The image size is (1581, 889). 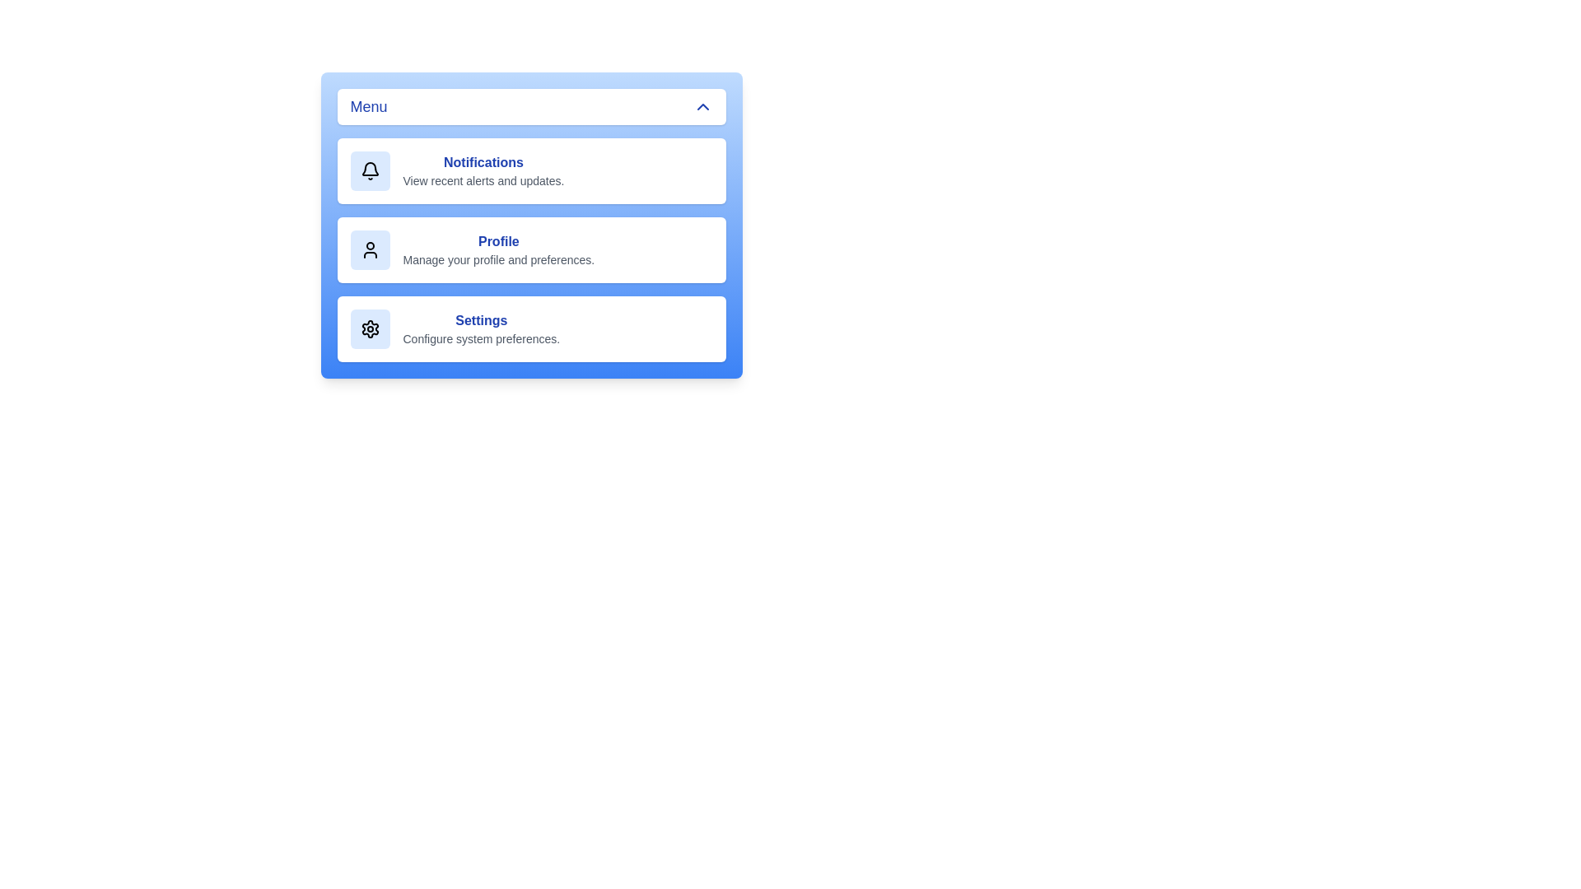 I want to click on the menu item Profile, so click(x=531, y=250).